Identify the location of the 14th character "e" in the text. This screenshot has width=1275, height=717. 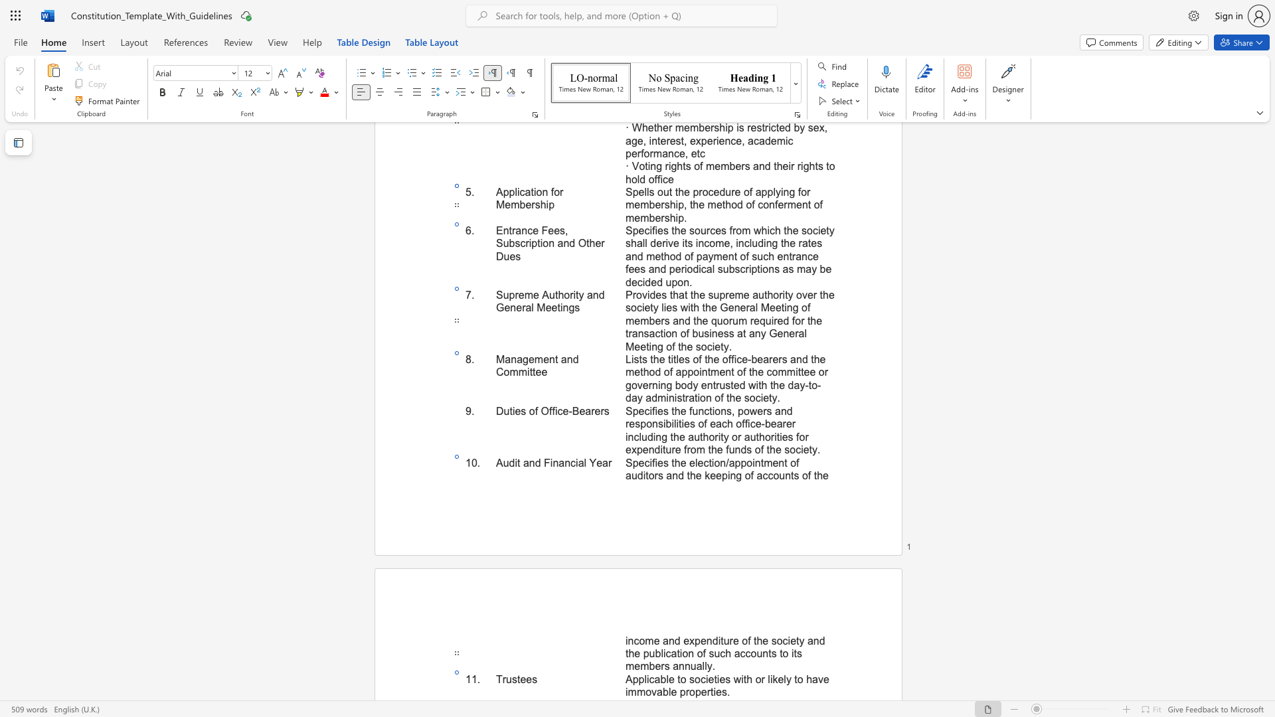
(645, 449).